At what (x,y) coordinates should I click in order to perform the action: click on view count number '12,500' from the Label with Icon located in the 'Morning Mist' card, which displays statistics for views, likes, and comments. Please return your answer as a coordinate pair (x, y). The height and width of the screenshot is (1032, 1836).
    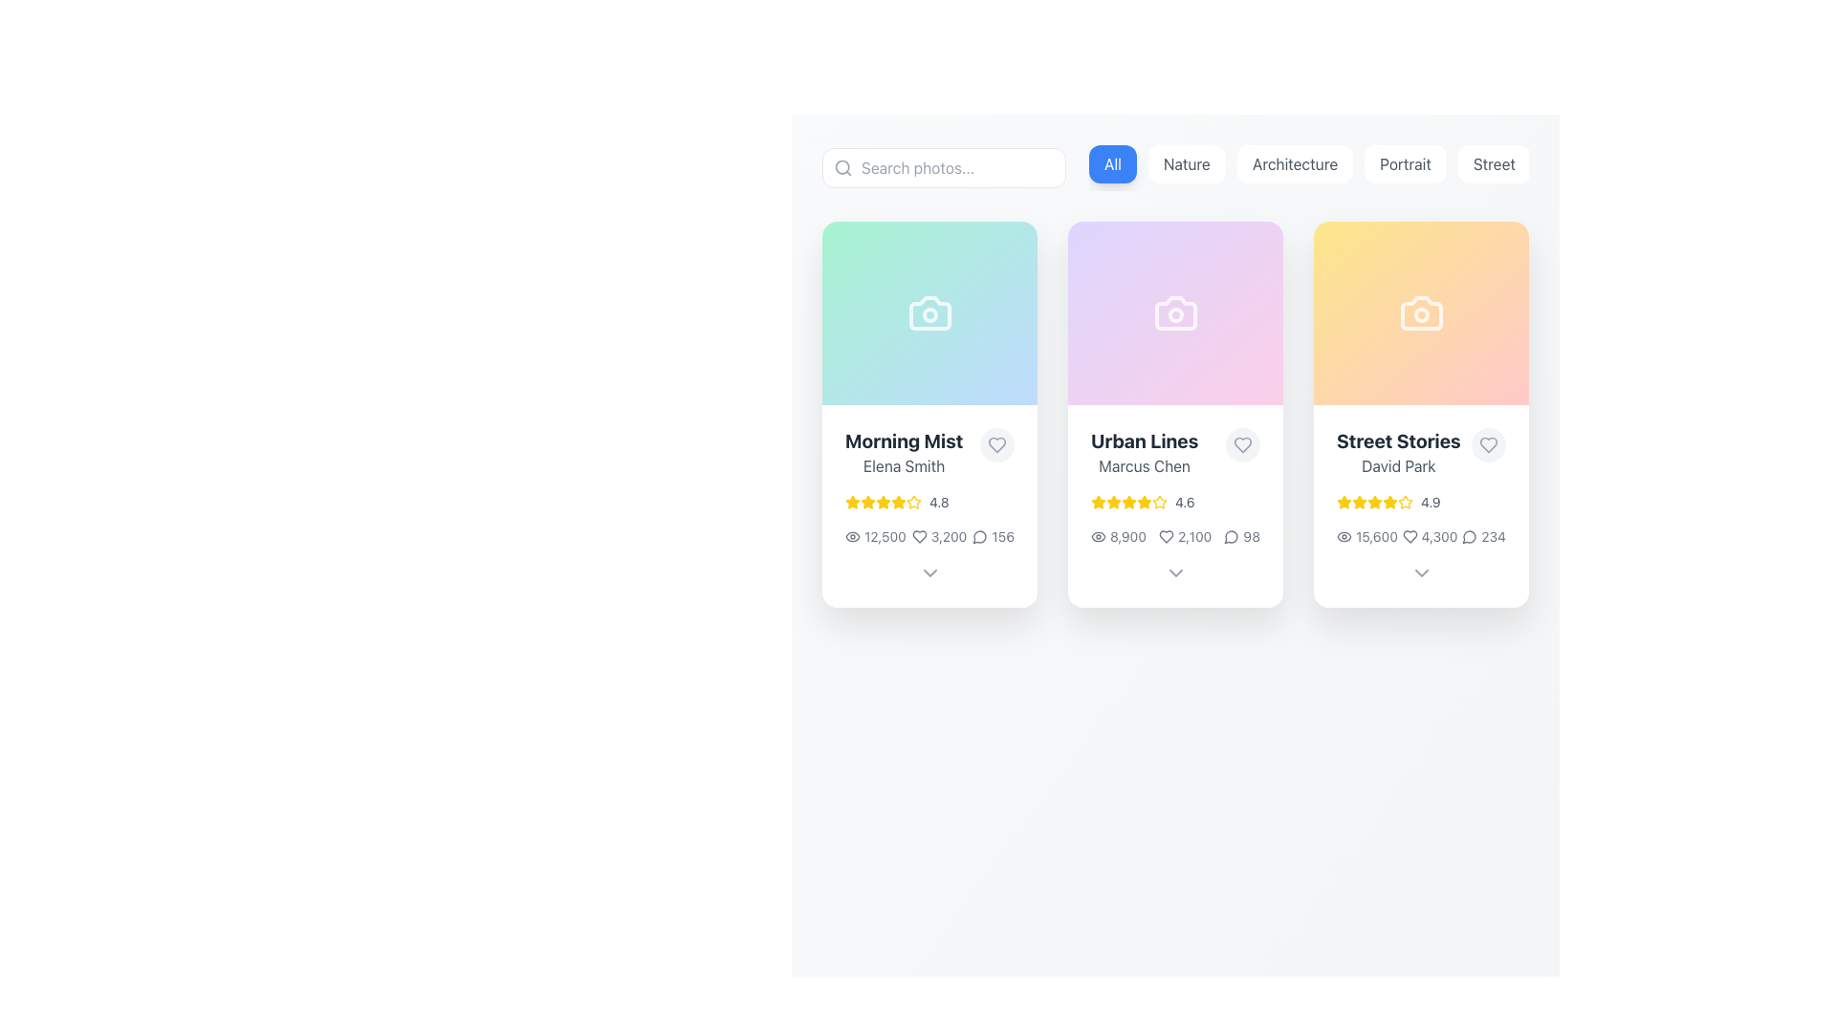
    Looking at the image, I should click on (874, 537).